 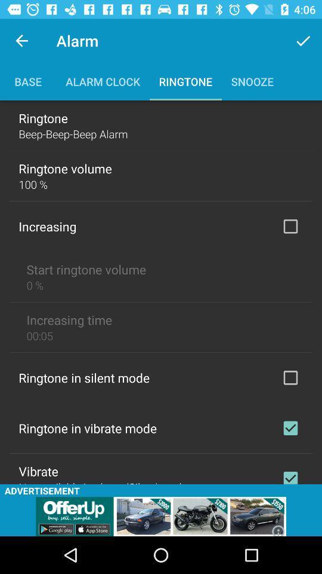 What do you see at coordinates (161, 516) in the screenshot?
I see `click on advertisement` at bounding box center [161, 516].